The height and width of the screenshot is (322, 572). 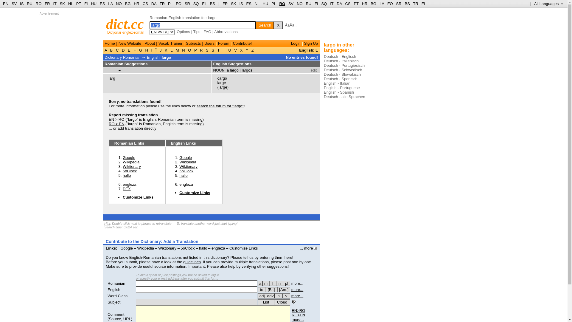 I want to click on 'Abbreviations', so click(x=214, y=32).